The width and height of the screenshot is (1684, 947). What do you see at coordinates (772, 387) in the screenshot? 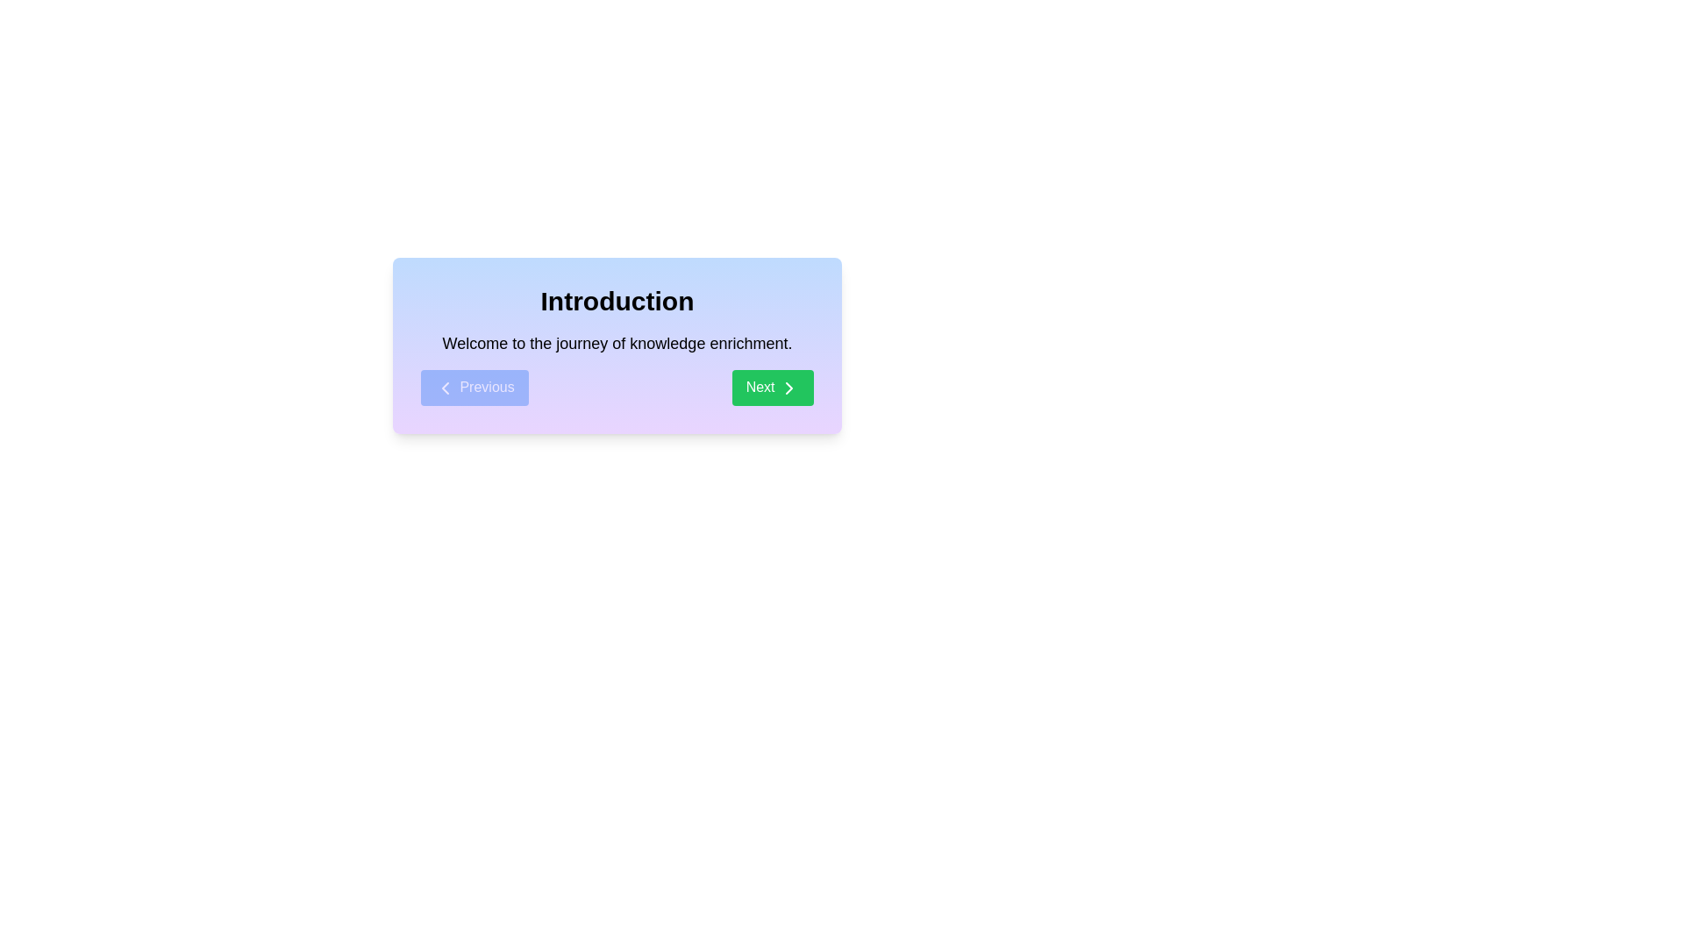
I see `the 'Next' button to navigate to the next step` at bounding box center [772, 387].